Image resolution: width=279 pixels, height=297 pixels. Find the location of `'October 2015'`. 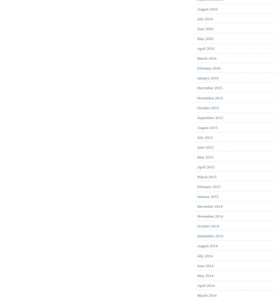

'October 2015' is located at coordinates (207, 107).